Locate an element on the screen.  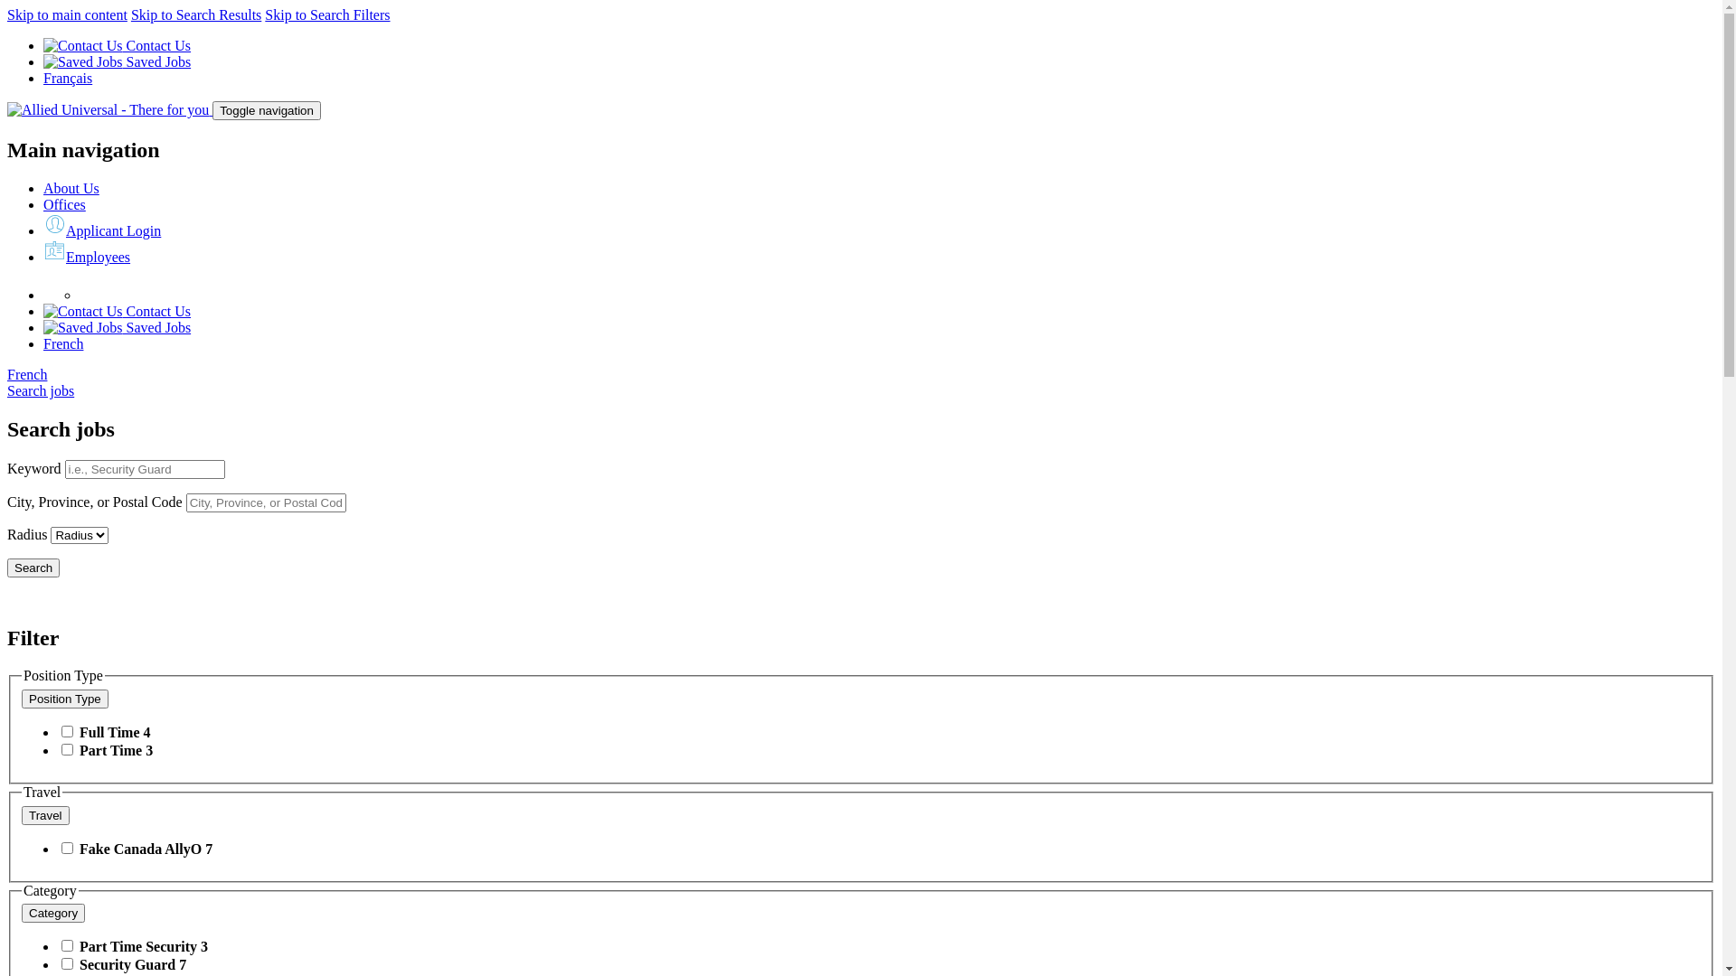
'Employees' is located at coordinates (86, 257).